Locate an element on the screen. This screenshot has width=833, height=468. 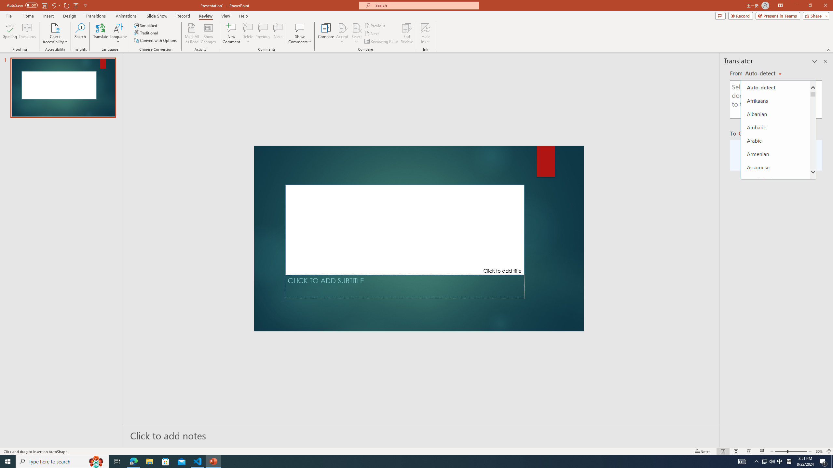
'New Comment' is located at coordinates (231, 33).